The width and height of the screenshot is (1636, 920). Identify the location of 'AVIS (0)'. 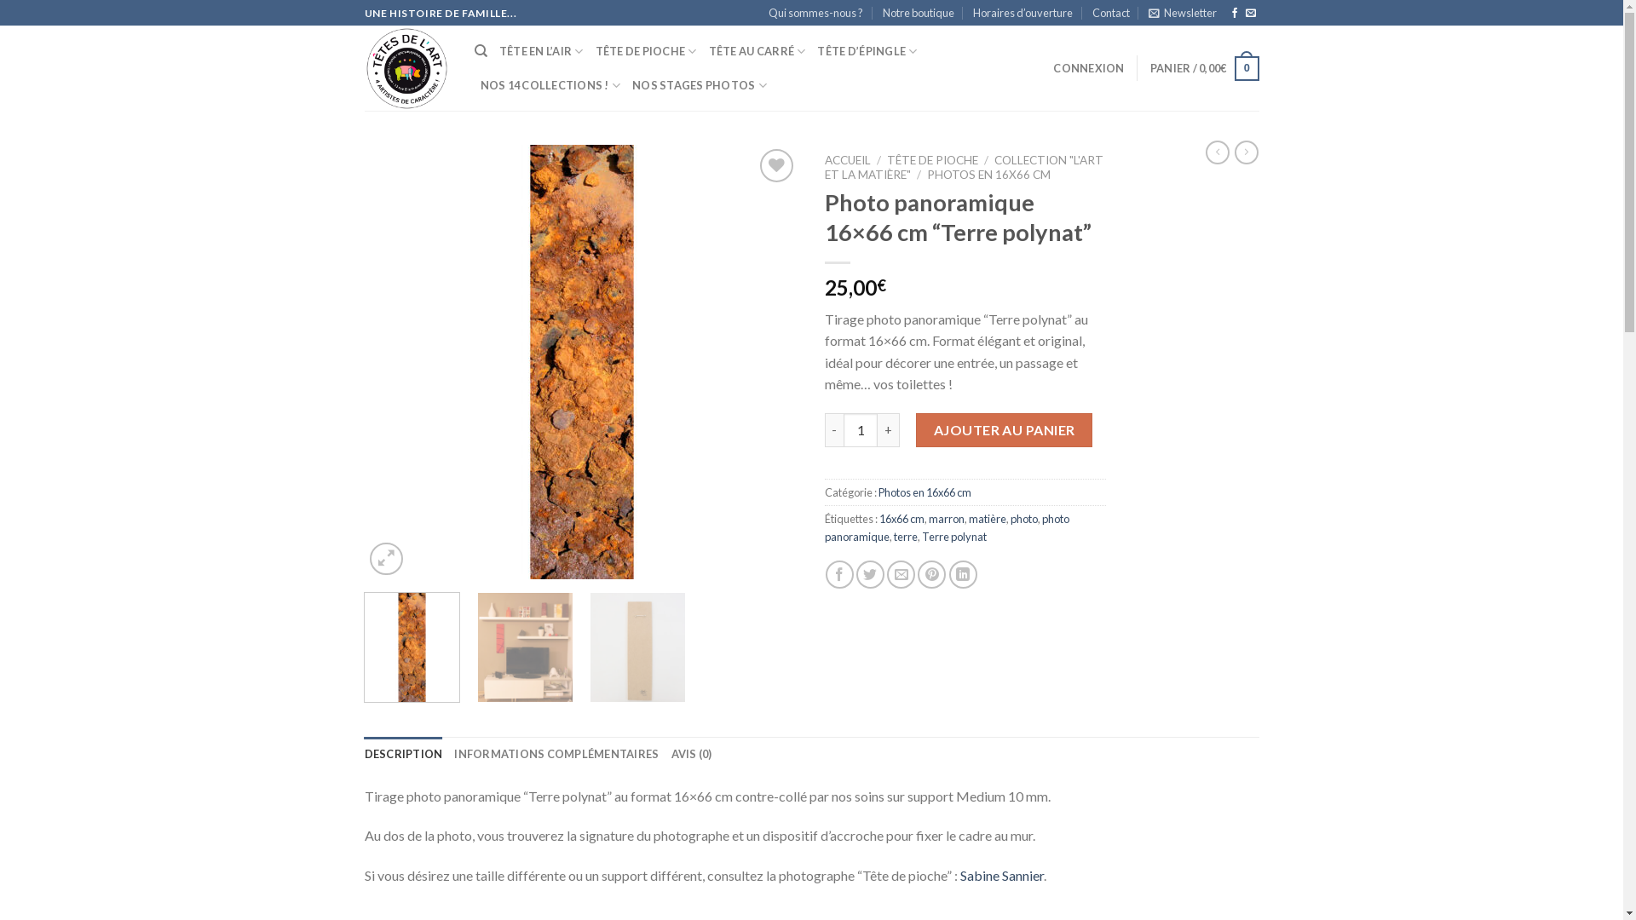
(670, 752).